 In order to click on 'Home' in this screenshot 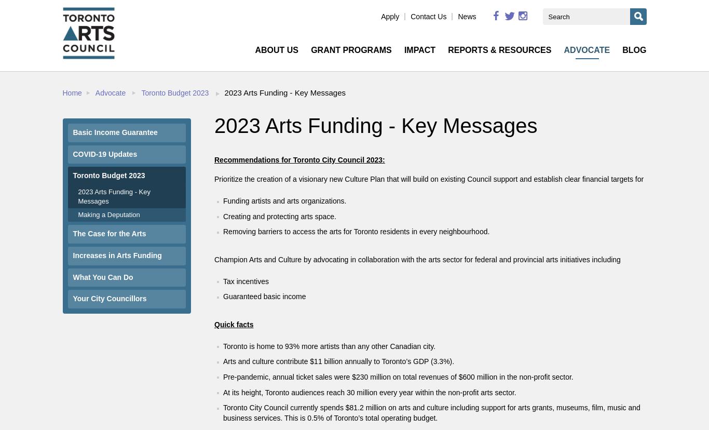, I will do `click(71, 92)`.